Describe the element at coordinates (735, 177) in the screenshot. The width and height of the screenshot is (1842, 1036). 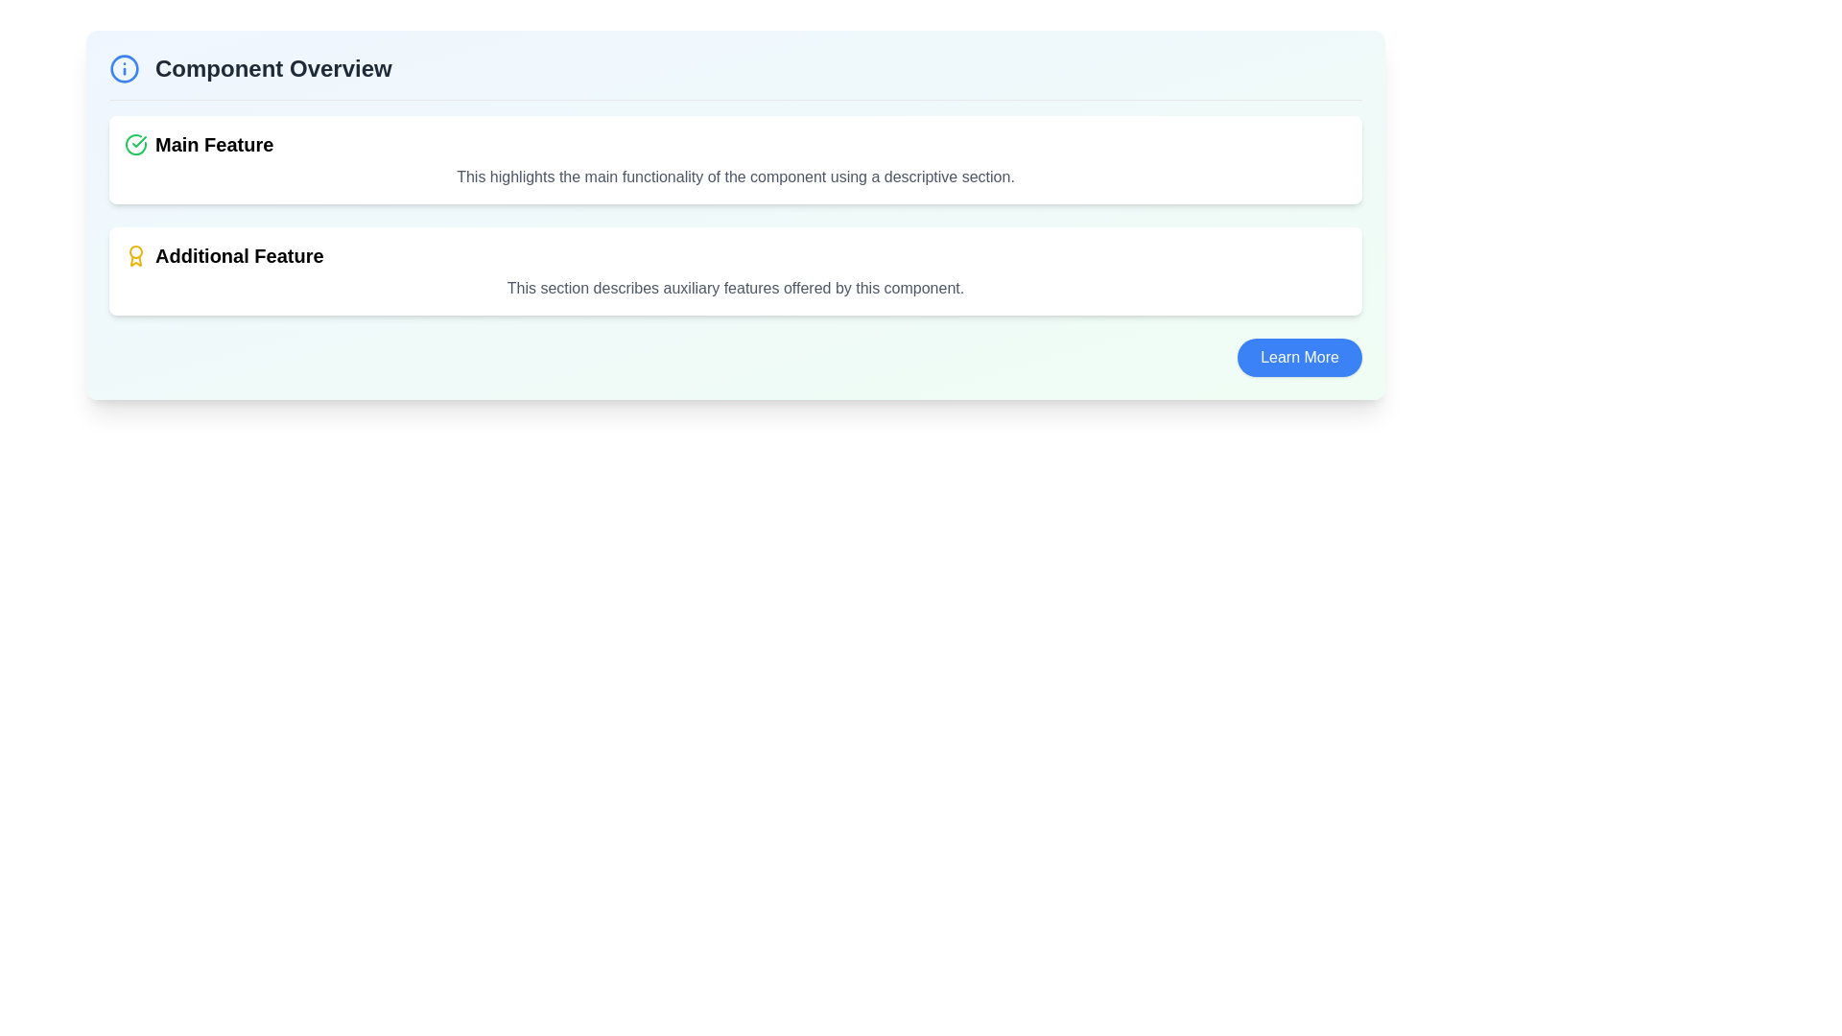
I see `descriptive text element located beneath the heading 'Main Feature', which reads: 'This highlights the main functionality of the component using a descriptive section.'` at that location.